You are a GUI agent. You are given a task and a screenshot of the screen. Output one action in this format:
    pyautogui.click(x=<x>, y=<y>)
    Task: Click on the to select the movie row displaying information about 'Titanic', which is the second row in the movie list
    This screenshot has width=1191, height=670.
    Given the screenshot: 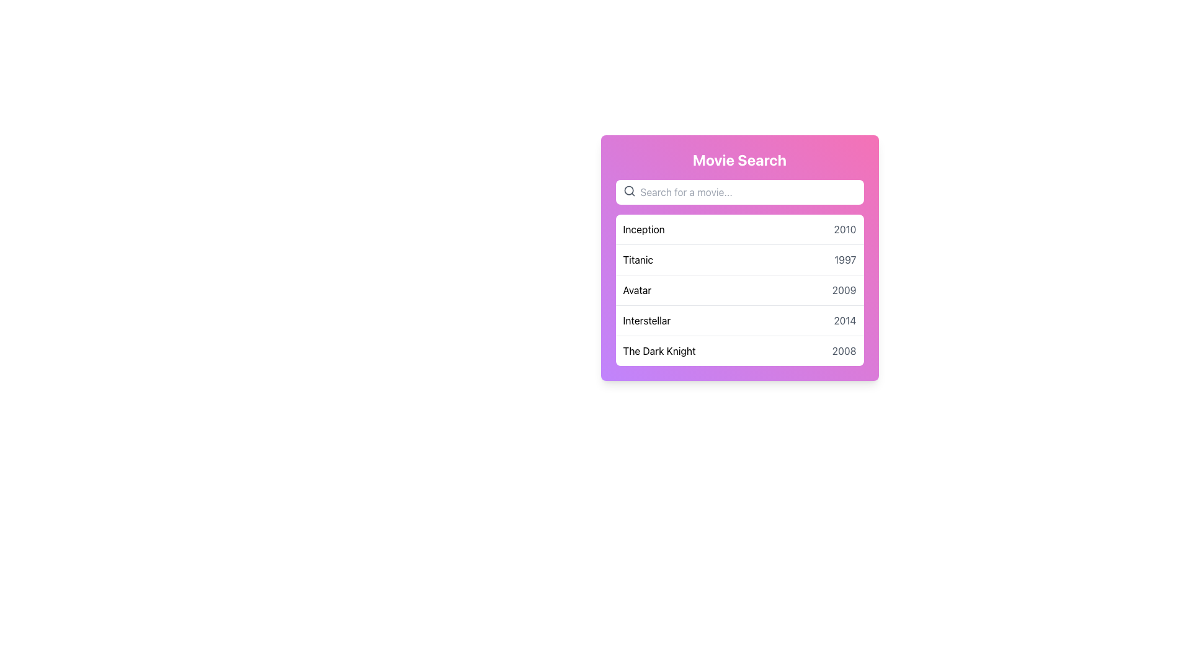 What is the action you would take?
    pyautogui.click(x=739, y=259)
    